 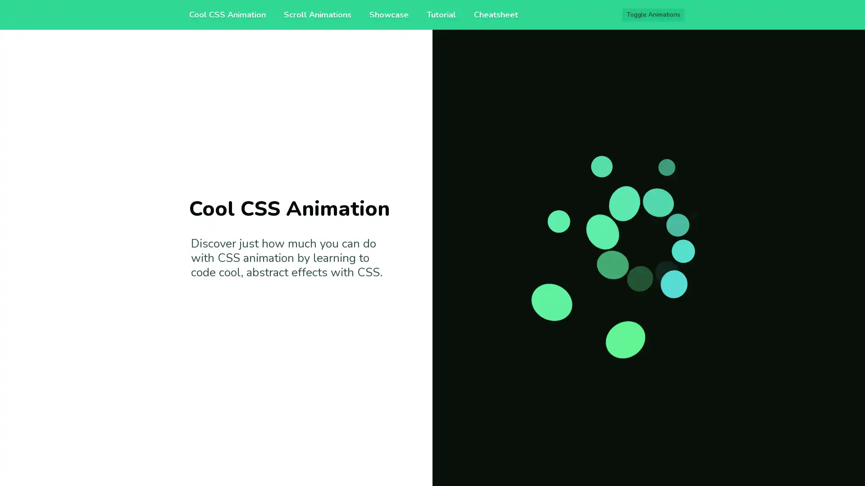 I want to click on Toggle Animations, so click(x=653, y=15).